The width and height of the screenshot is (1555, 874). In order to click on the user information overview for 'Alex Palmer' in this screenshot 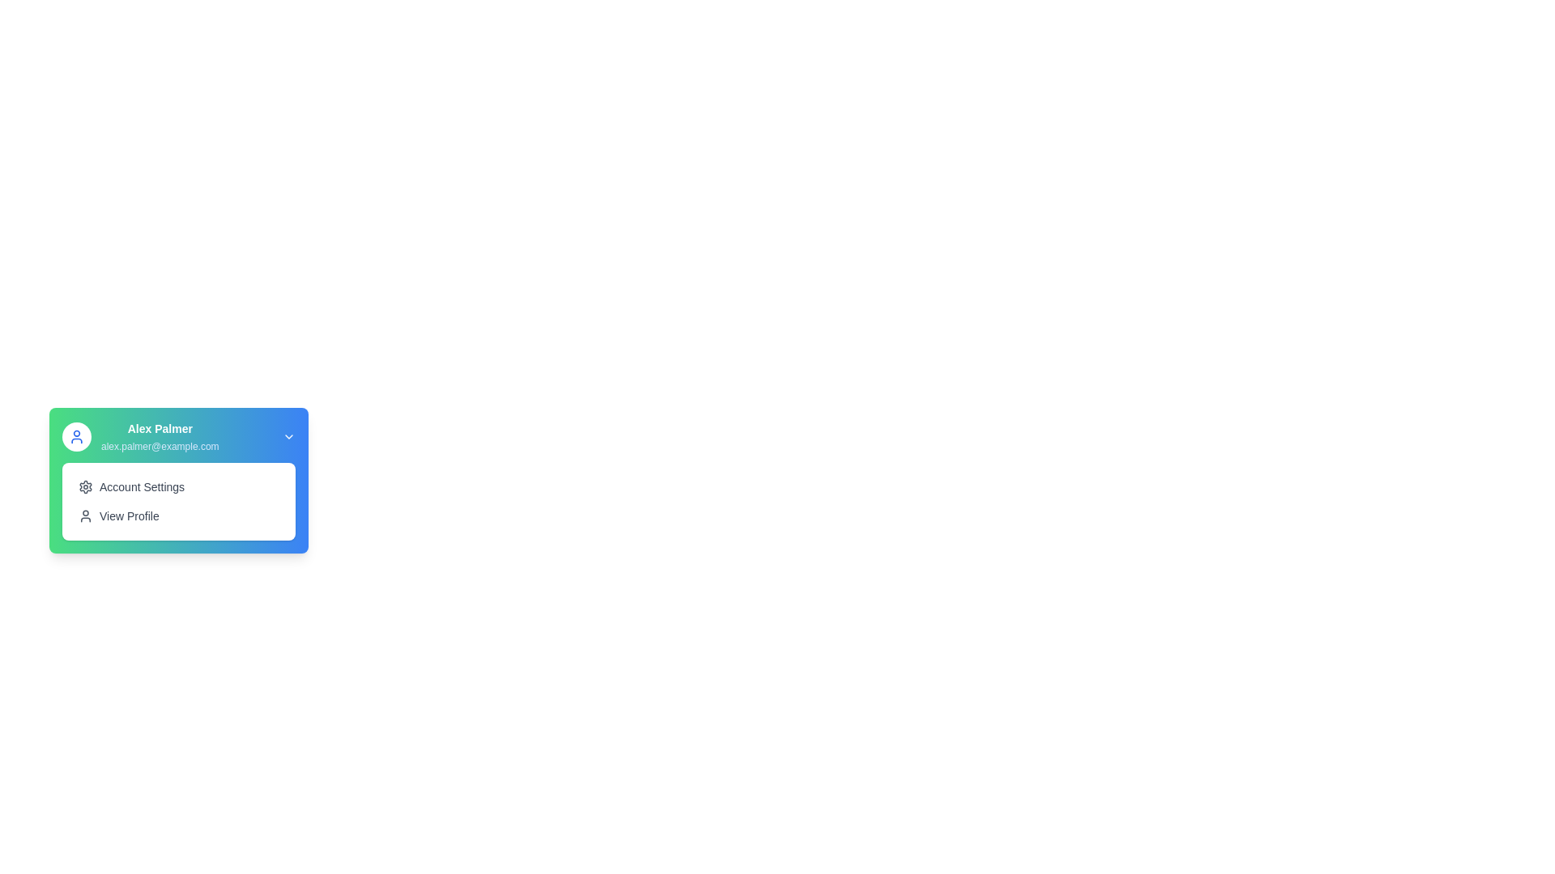, I will do `click(178, 437)`.